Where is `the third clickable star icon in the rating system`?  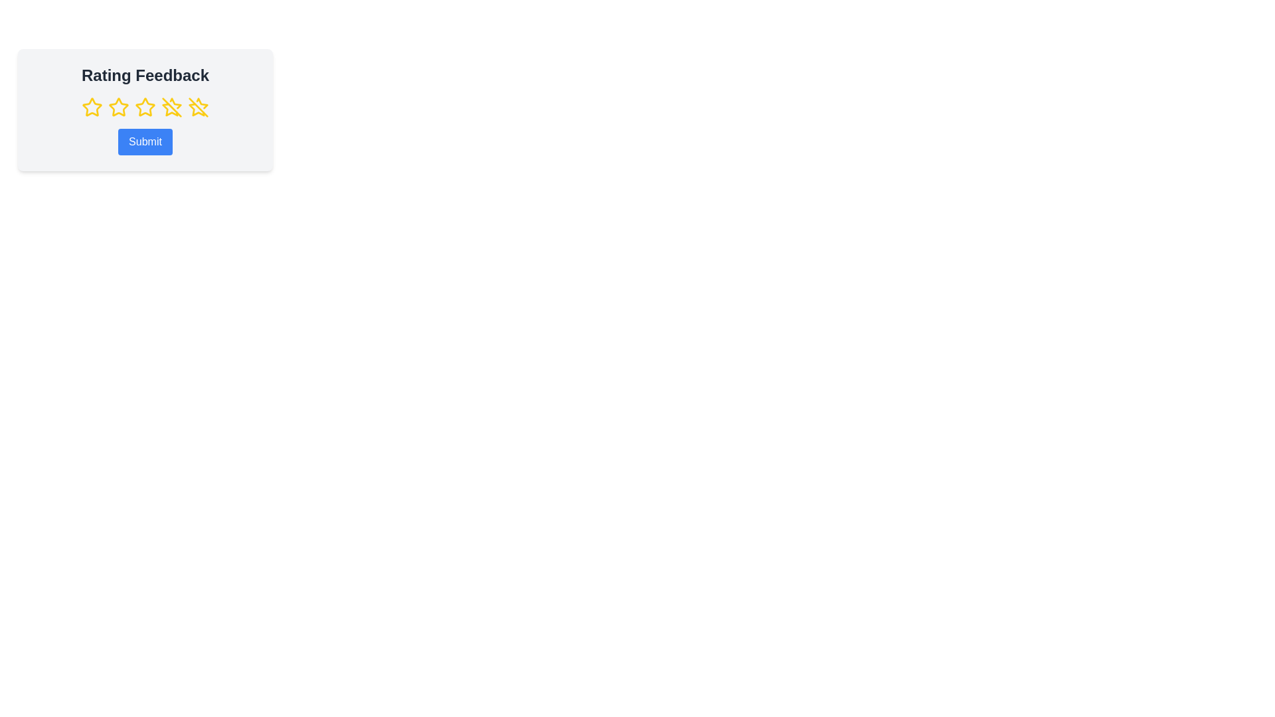
the third clickable star icon in the rating system is located at coordinates (145, 107).